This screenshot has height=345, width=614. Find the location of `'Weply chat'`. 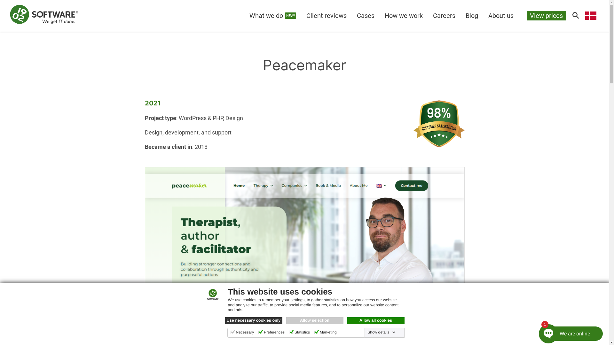

'Weply chat' is located at coordinates (567, 331).